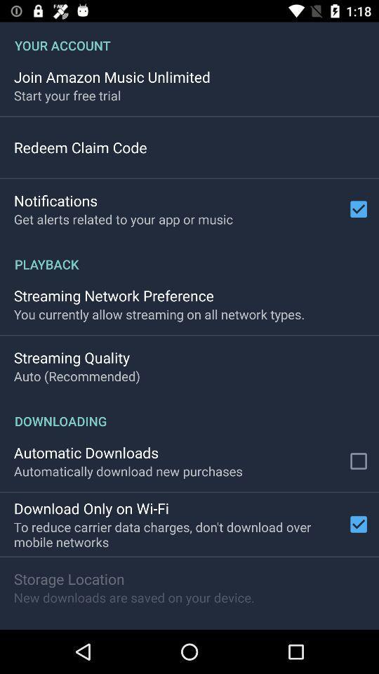 The image size is (379, 674). Describe the element at coordinates (189, 414) in the screenshot. I see `the downloading item` at that location.